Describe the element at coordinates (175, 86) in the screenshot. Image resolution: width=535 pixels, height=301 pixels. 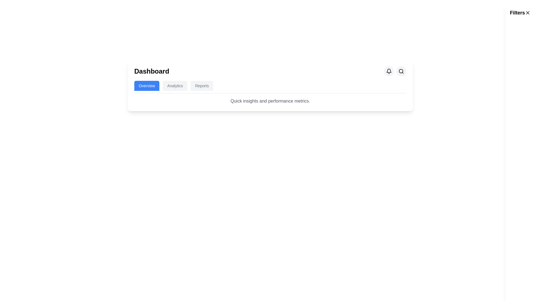
I see `the 'Analytics' tab, which is a rectangular button with rounded corners, light gray background, and darker gray text, located in the middle of three horizontally aligned tabs labeled 'Overview,' 'Analytics,' and 'Reports.'` at that location.